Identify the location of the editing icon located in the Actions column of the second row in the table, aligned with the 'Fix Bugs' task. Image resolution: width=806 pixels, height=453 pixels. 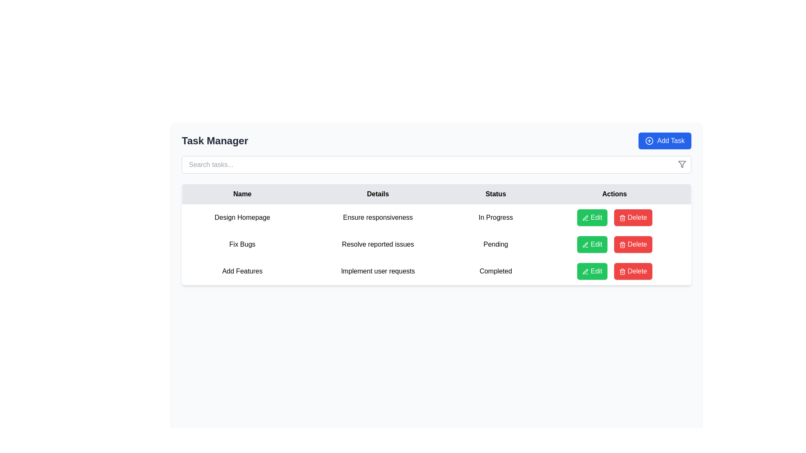
(585, 217).